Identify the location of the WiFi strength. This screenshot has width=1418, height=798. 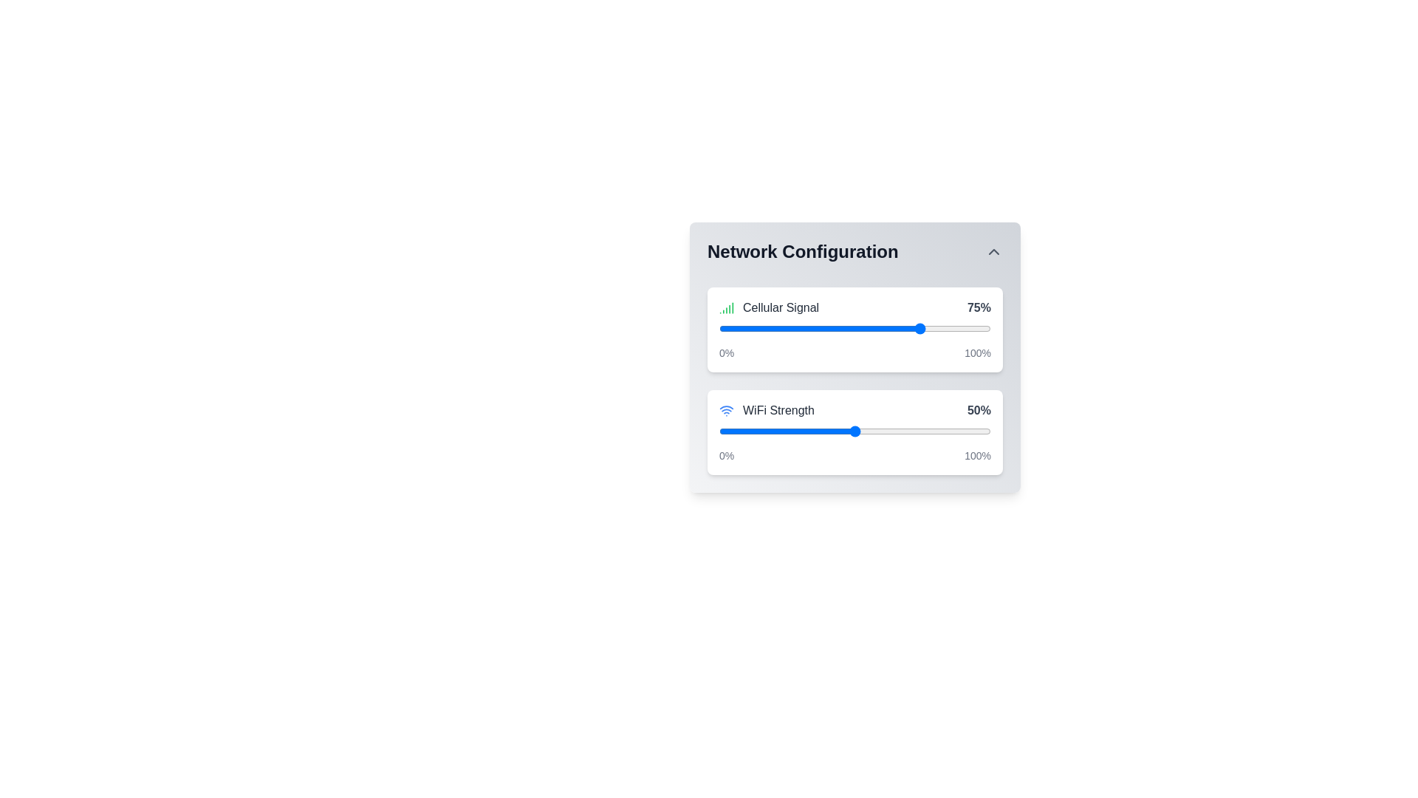
(882, 431).